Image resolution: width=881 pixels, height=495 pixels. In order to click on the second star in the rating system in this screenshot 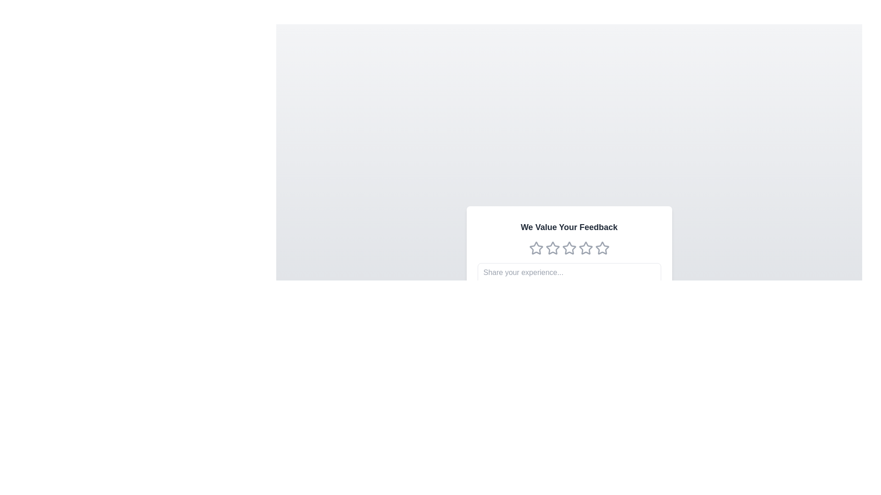, I will do `click(585, 248)`.